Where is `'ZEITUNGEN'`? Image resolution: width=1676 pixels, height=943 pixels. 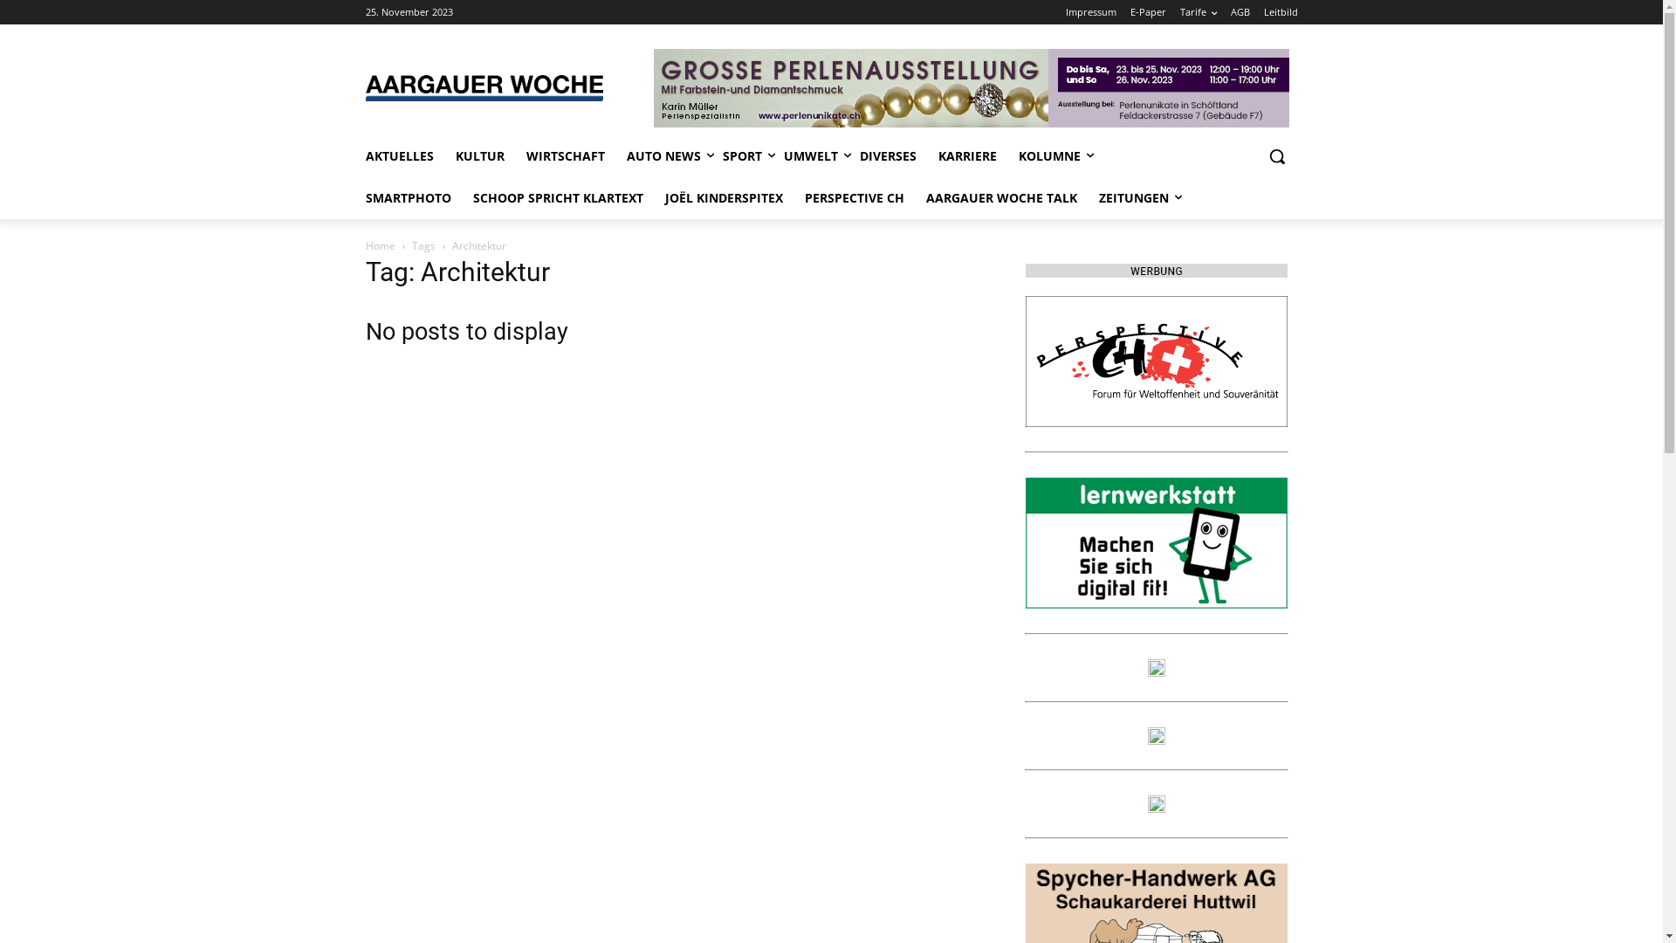 'ZEITUNGEN' is located at coordinates (1132, 197).